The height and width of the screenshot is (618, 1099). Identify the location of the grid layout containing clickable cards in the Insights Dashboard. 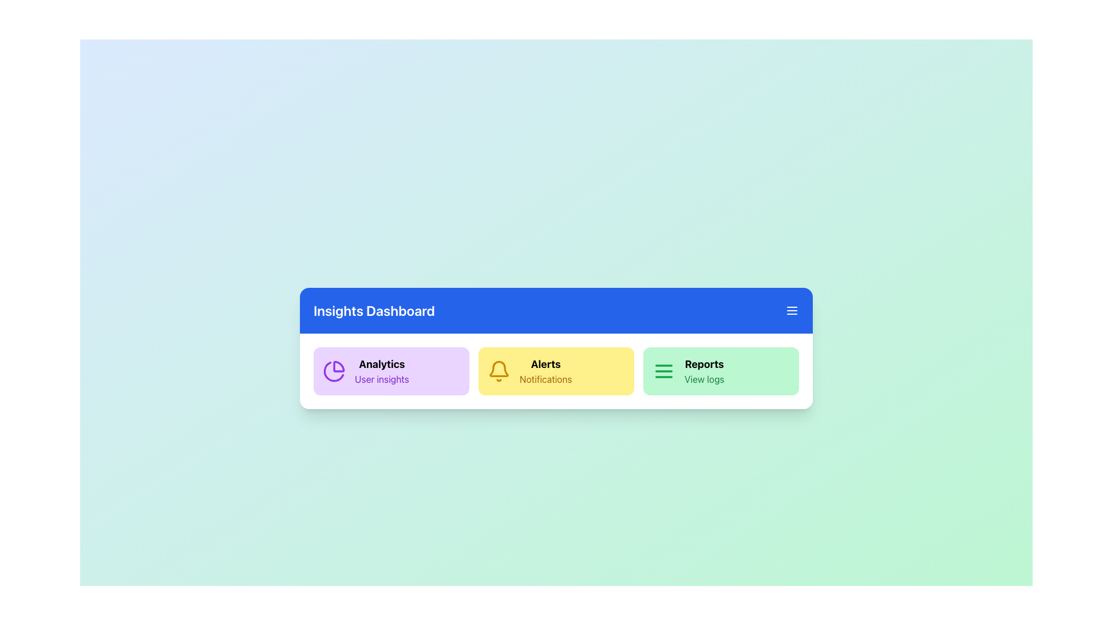
(556, 371).